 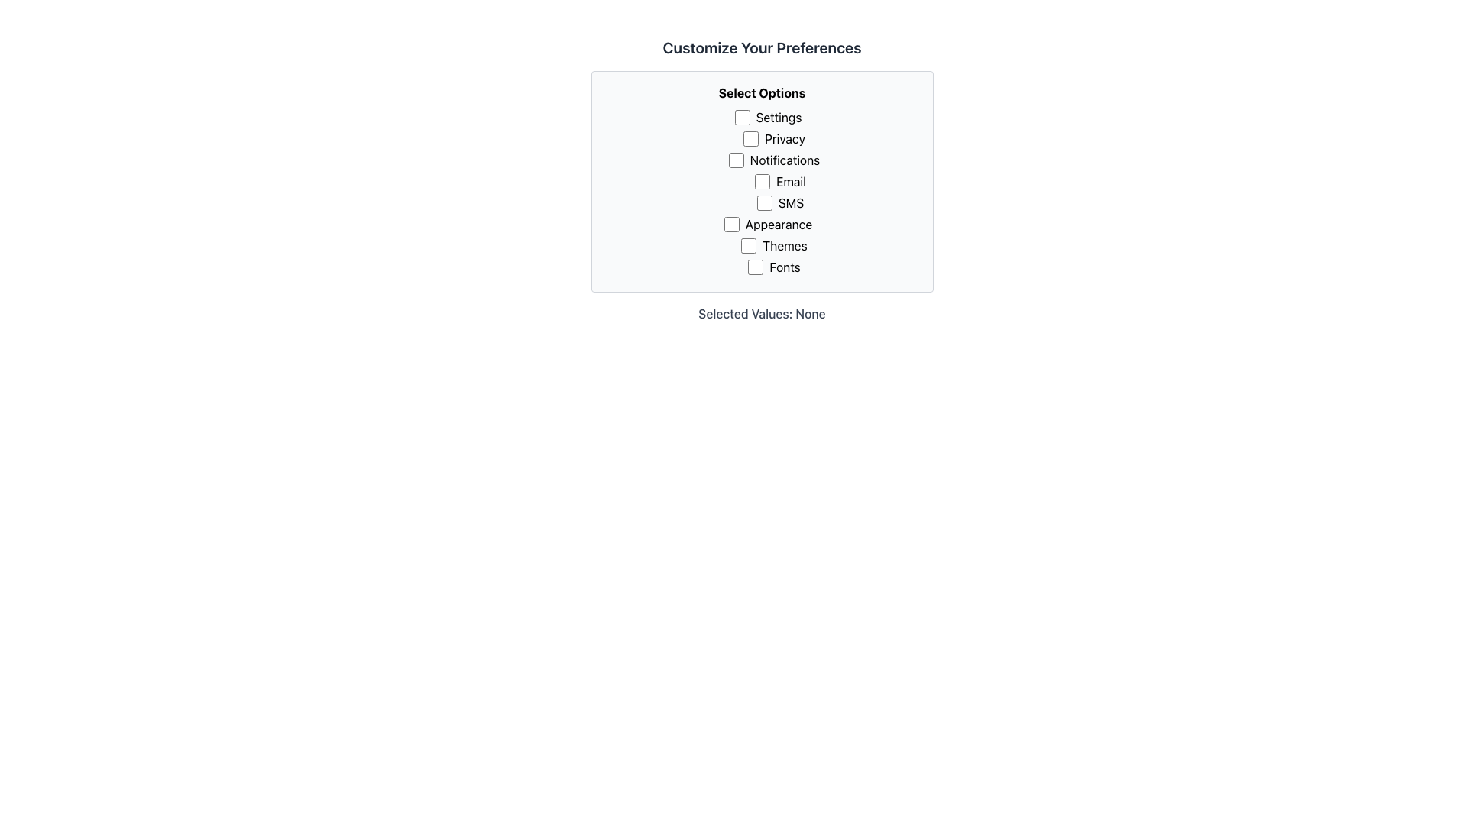 What do you see at coordinates (780, 182) in the screenshot?
I see `the 'Email' label, which is positioned under the 'Notifications' checkbox and above the 'SMS' checkbox in the form layout` at bounding box center [780, 182].